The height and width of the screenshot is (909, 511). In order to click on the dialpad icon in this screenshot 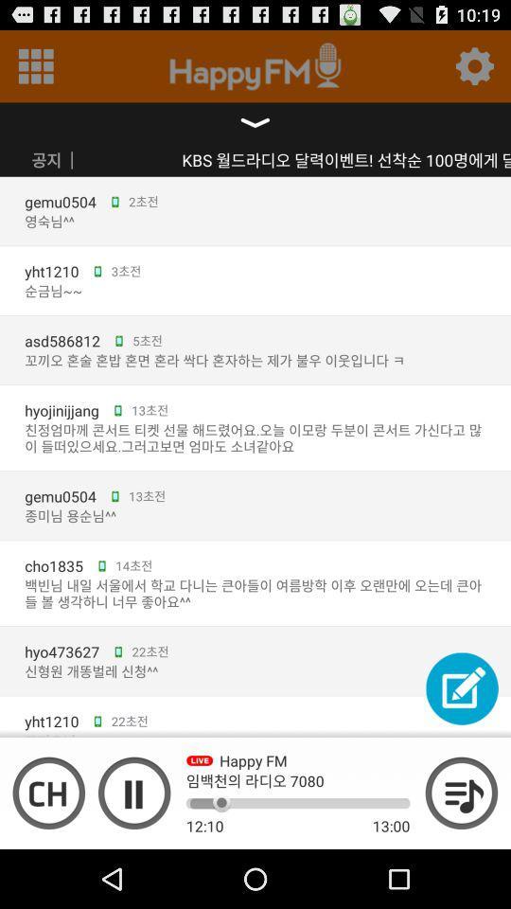, I will do `click(36, 70)`.